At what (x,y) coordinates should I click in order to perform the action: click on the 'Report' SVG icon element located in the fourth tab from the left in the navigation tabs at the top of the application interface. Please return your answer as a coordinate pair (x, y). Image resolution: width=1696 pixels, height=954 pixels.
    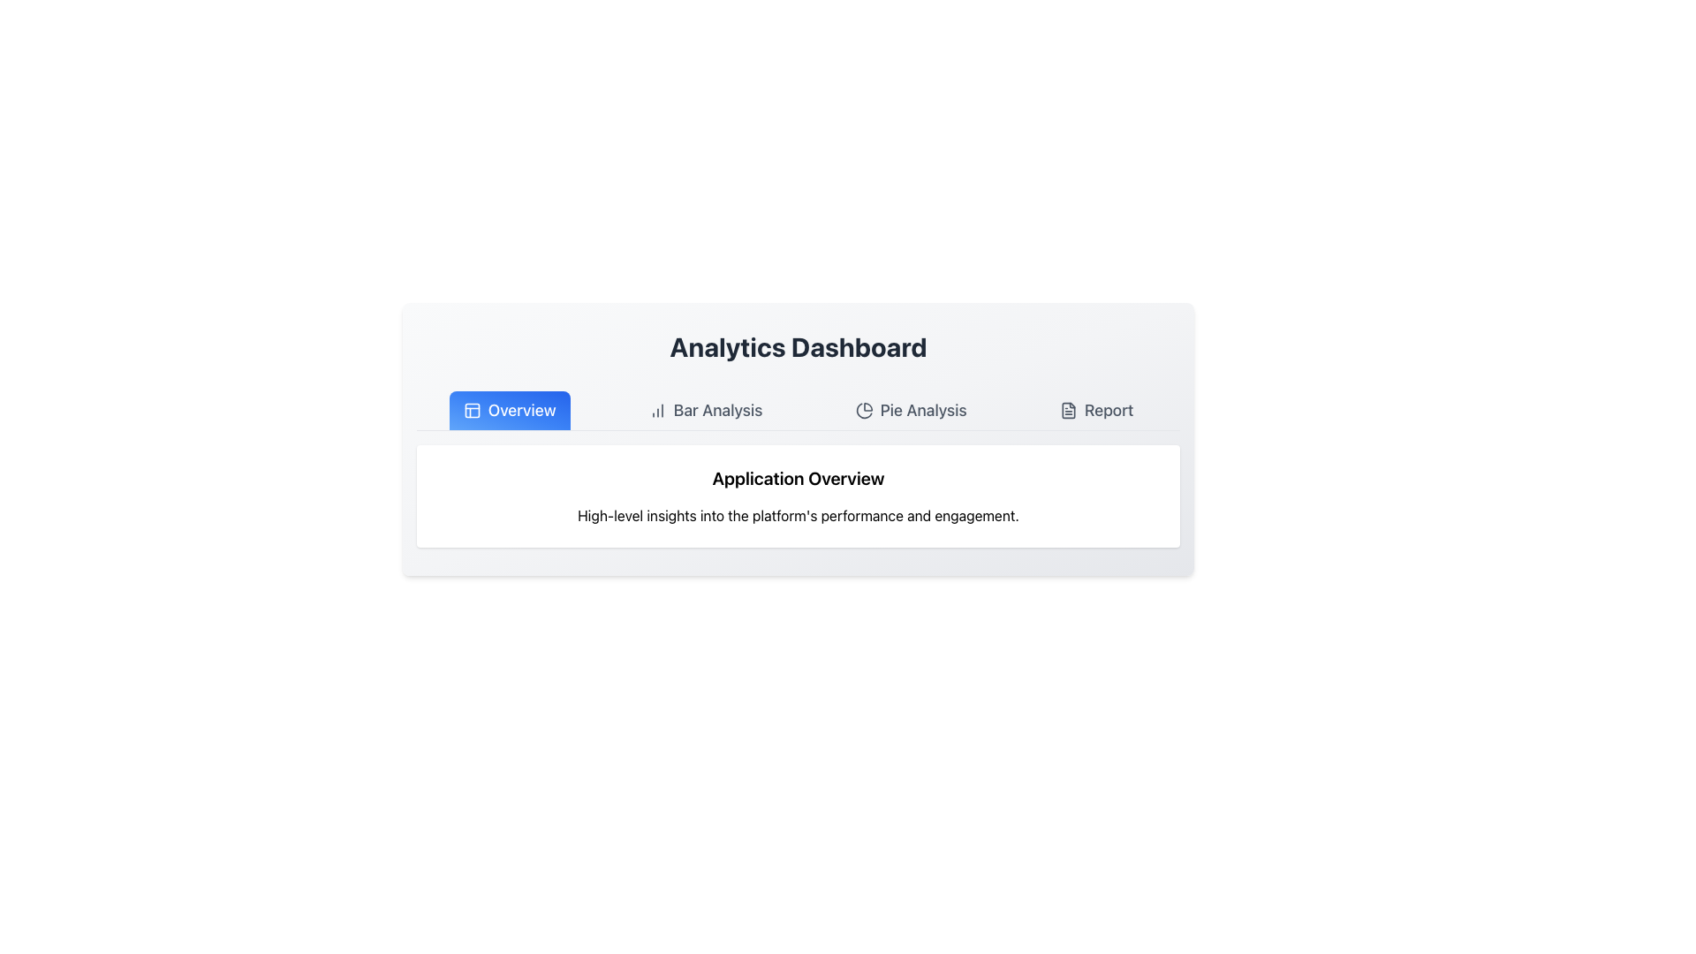
    Looking at the image, I should click on (1067, 411).